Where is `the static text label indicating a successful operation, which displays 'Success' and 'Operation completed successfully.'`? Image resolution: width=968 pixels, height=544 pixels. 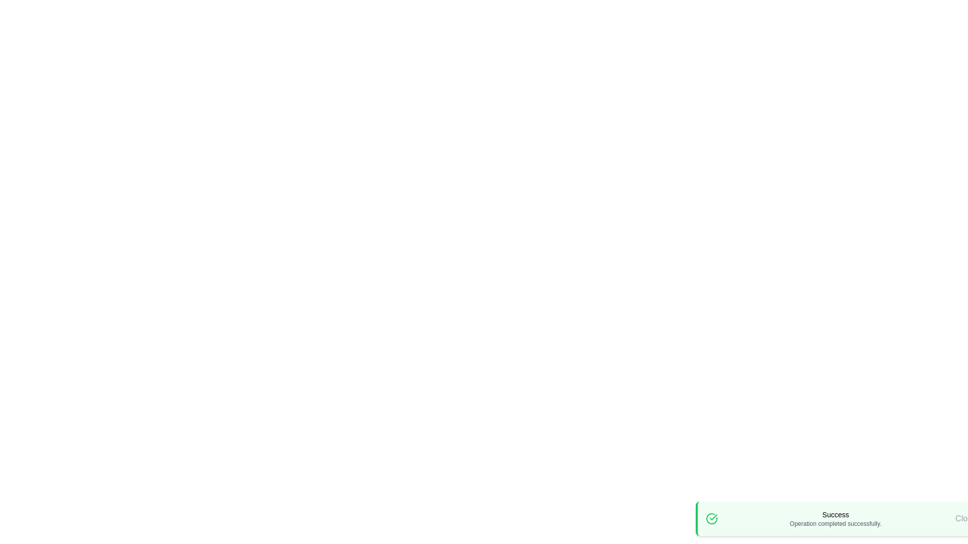
the static text label indicating a successful operation, which displays 'Success' and 'Operation completed successfully.' is located at coordinates (835, 515).